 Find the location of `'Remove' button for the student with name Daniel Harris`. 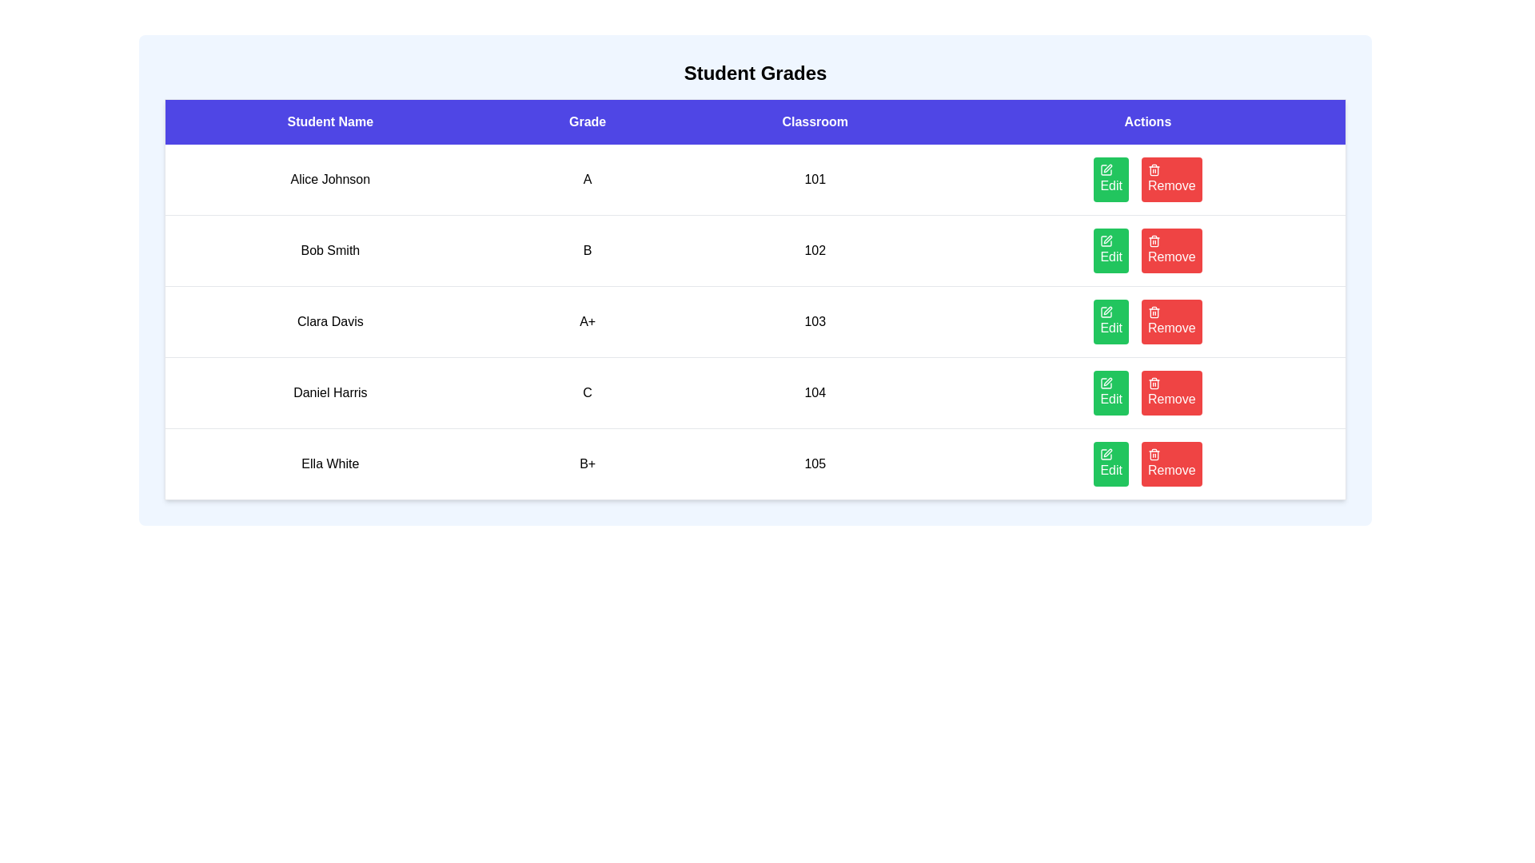

'Remove' button for the student with name Daniel Harris is located at coordinates (1171, 393).